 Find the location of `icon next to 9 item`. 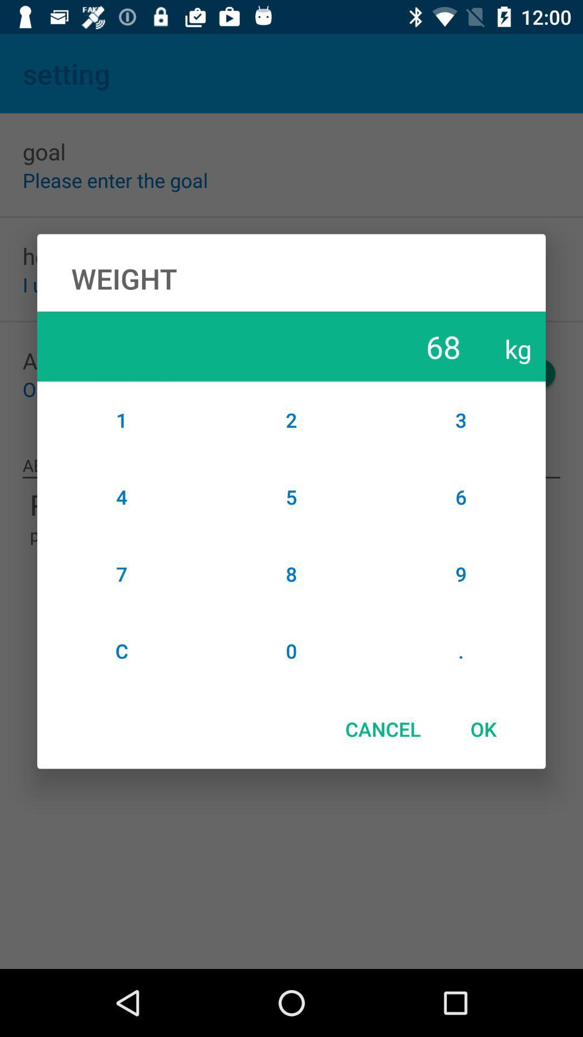

icon next to 9 item is located at coordinates (291, 650).